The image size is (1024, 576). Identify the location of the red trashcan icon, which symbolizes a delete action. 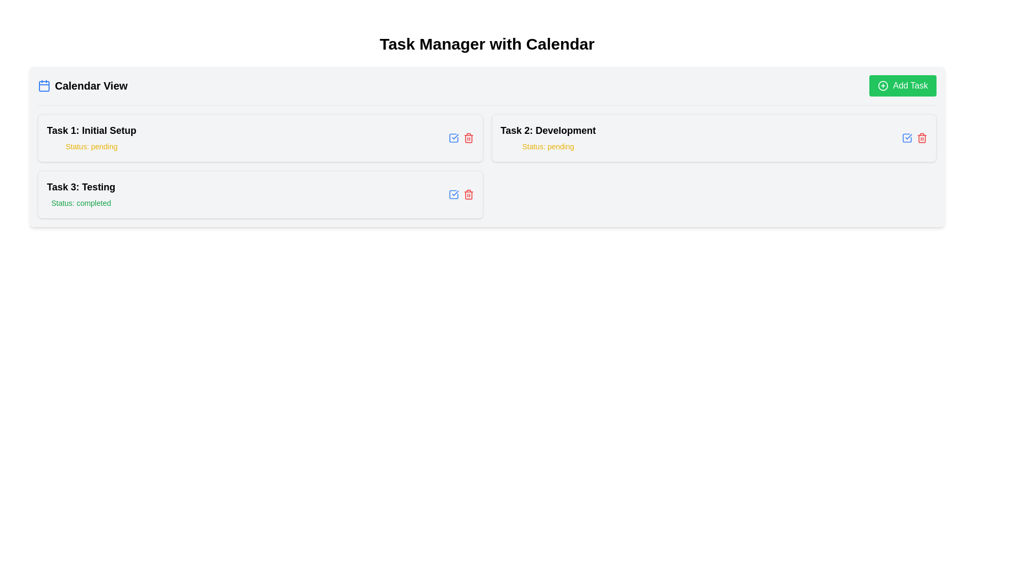
(468, 195).